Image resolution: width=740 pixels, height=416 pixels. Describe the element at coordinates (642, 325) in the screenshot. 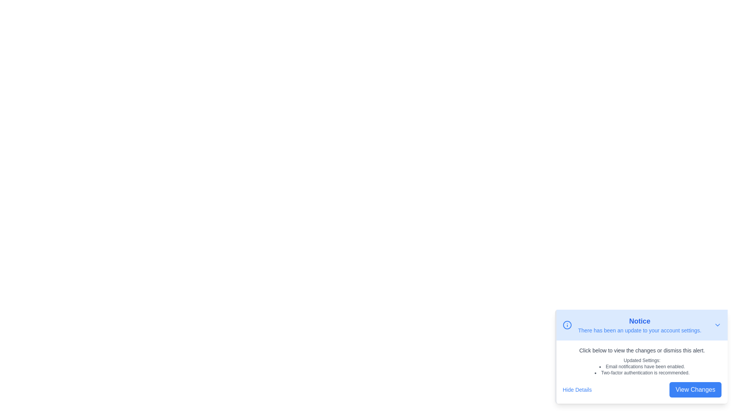

I see `the informative banner styled with a light blue background, containing the title 'Notice' in bold blue text, located at the bottom-right corner of the interface` at that location.